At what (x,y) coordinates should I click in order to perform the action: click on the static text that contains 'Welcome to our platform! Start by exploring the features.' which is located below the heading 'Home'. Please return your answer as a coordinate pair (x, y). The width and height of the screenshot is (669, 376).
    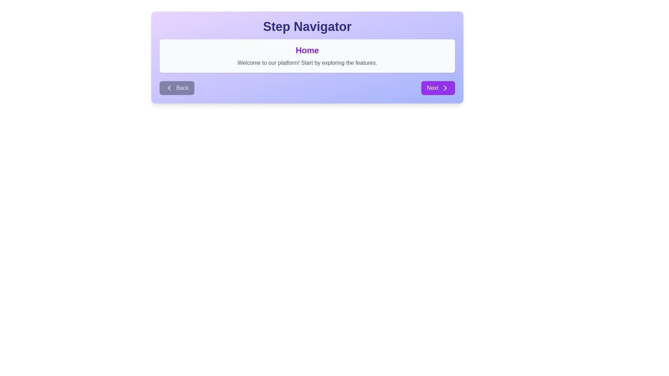
    Looking at the image, I should click on (307, 63).